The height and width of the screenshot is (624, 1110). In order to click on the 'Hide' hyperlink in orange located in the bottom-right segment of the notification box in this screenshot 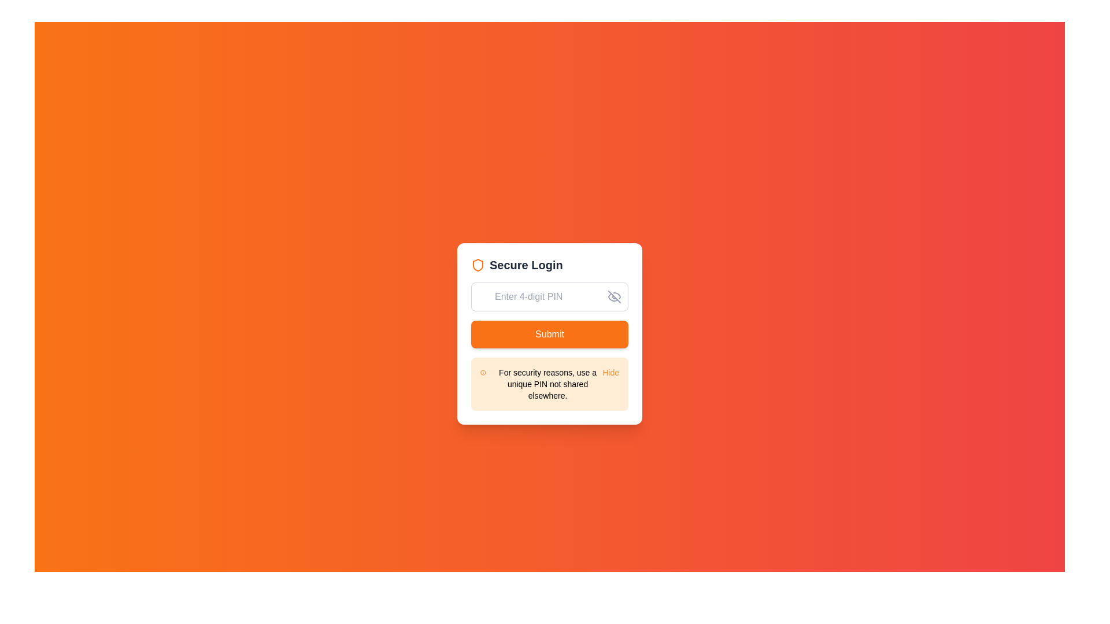, I will do `click(610, 372)`.